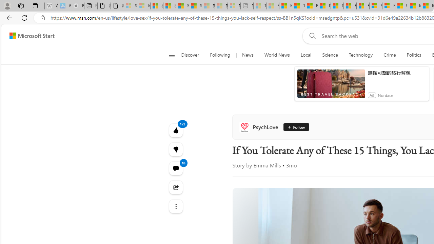 The height and width of the screenshot is (244, 434). I want to click on 'Class: button-glyph', so click(172, 55).